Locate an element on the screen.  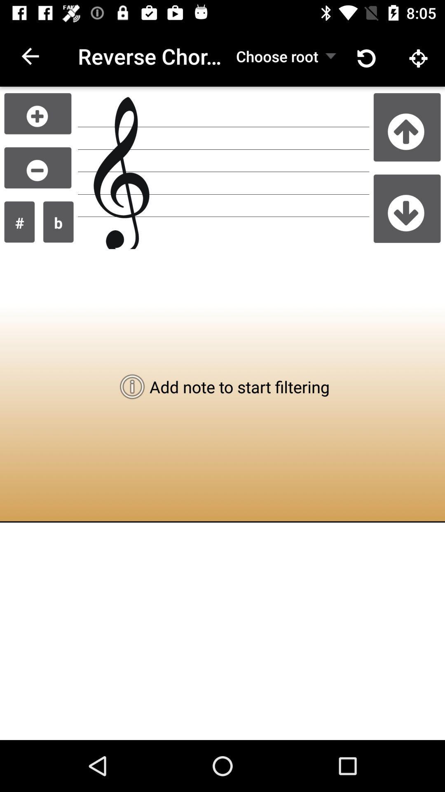
icon next to the reverse chord lookup item is located at coordinates (277, 56).